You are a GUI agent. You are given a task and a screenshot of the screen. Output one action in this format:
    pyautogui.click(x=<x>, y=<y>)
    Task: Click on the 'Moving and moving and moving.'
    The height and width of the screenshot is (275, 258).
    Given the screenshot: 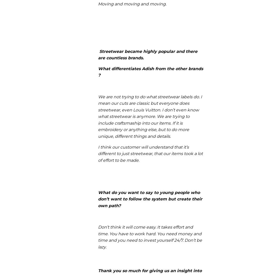 What is the action you would take?
    pyautogui.click(x=132, y=3)
    